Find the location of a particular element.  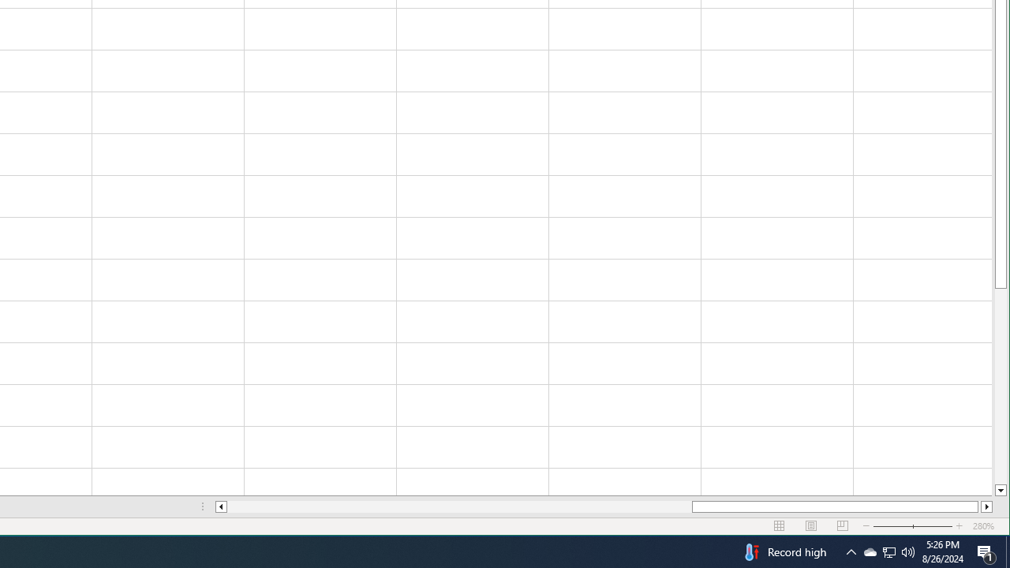

'Q2790: 100%' is located at coordinates (869, 551).